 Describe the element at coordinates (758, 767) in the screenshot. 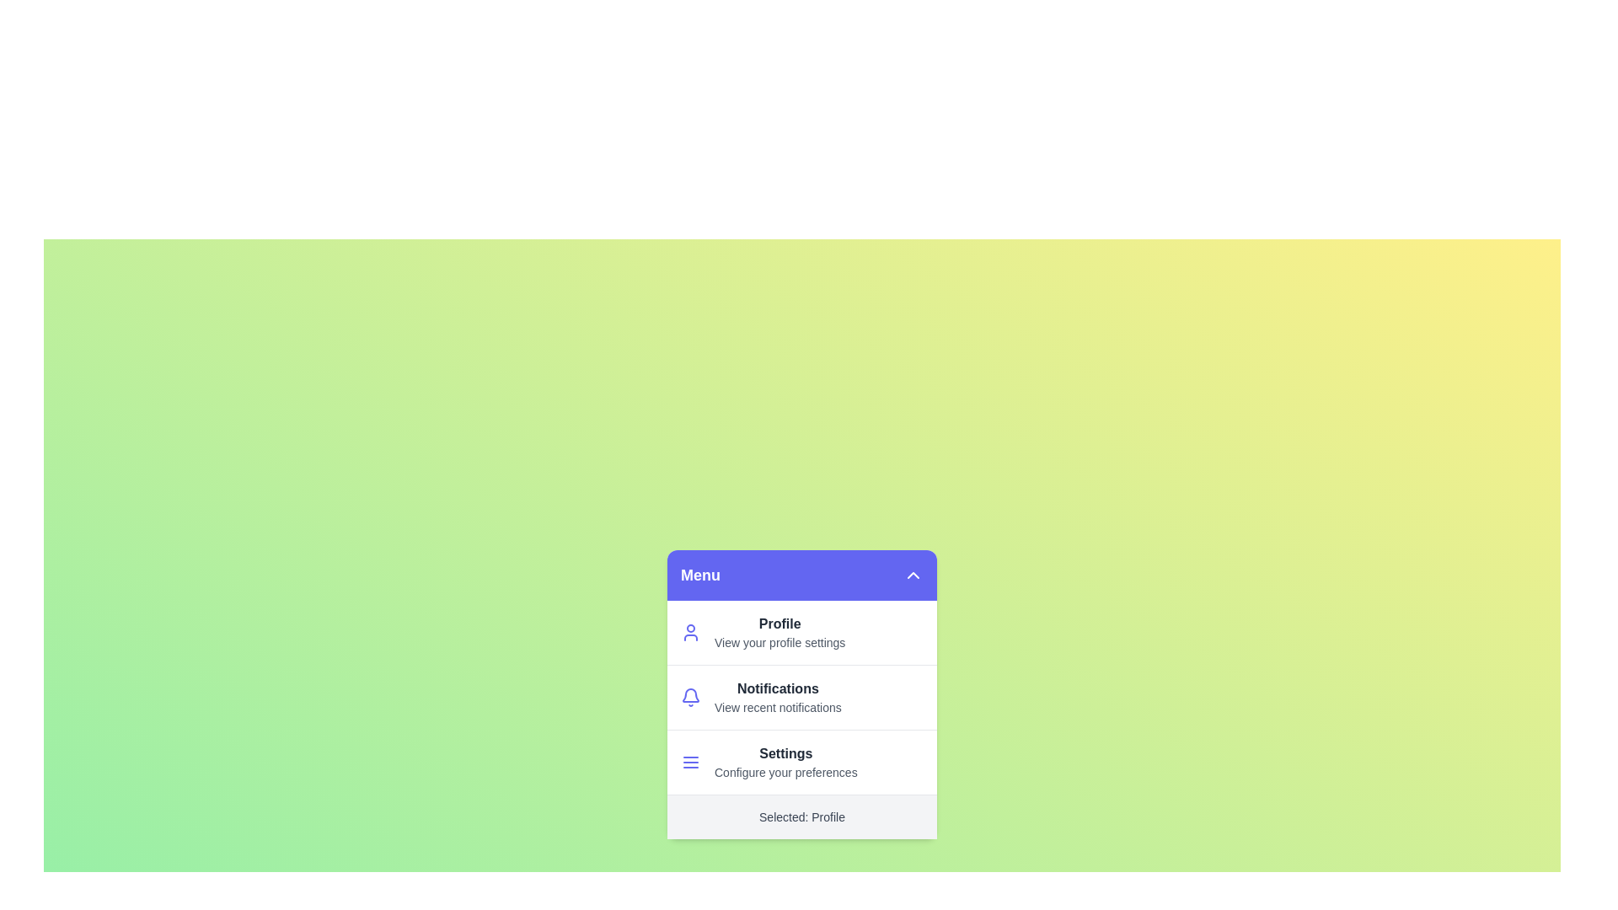

I see `the menu item labeled Settings` at that location.